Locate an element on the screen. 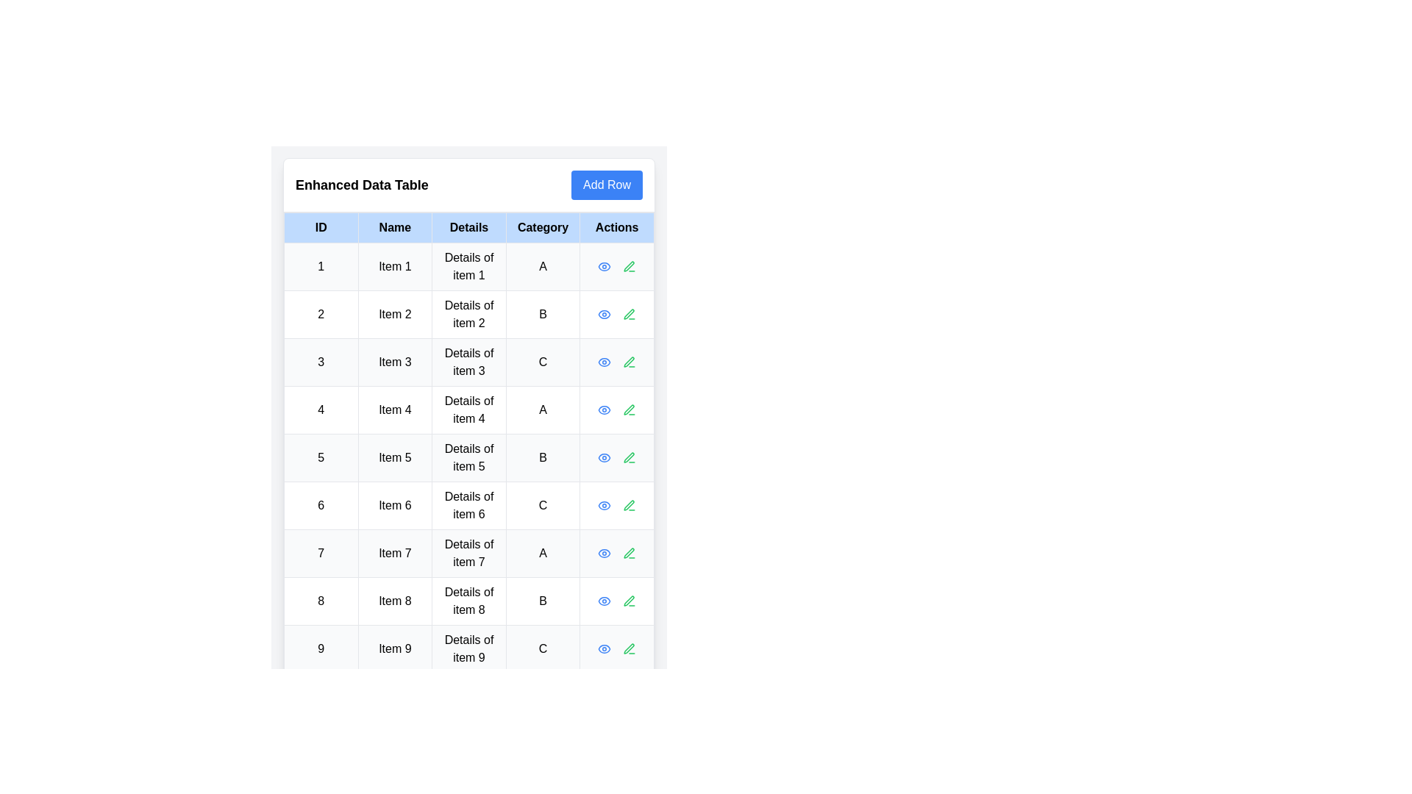 Image resolution: width=1412 pixels, height=794 pixels. the visibility toggle icon located in the fifth row of the table under the 'Actions' column, which is positioned before the edit icon is located at coordinates (605, 457).